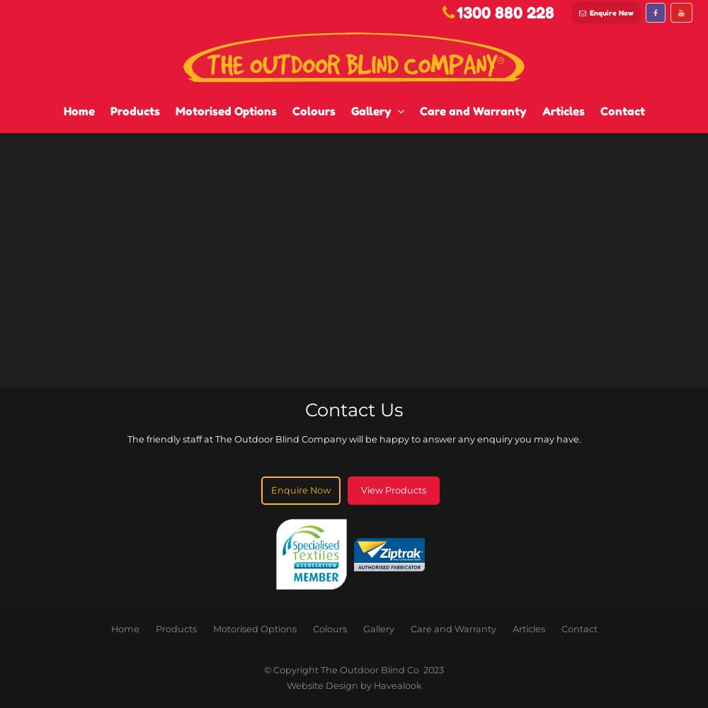 The height and width of the screenshot is (708, 708). What do you see at coordinates (378, 629) in the screenshot?
I see `'Gallery'` at bounding box center [378, 629].